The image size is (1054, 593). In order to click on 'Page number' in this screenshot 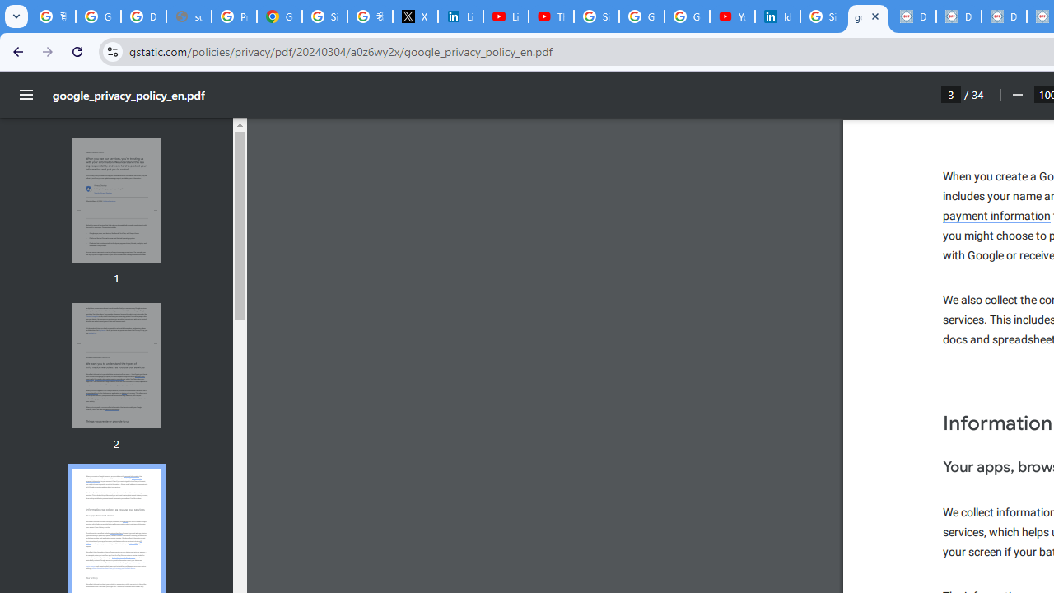, I will do `click(951, 94)`.